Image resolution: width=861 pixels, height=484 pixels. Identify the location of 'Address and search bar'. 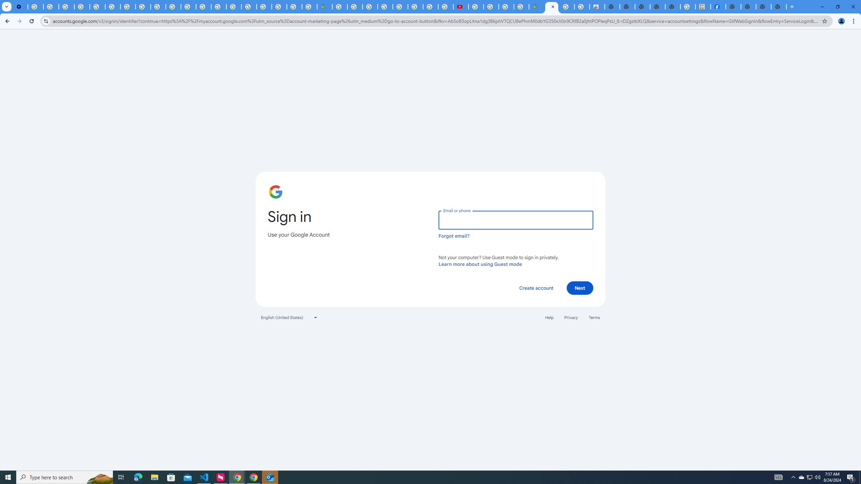
(435, 21).